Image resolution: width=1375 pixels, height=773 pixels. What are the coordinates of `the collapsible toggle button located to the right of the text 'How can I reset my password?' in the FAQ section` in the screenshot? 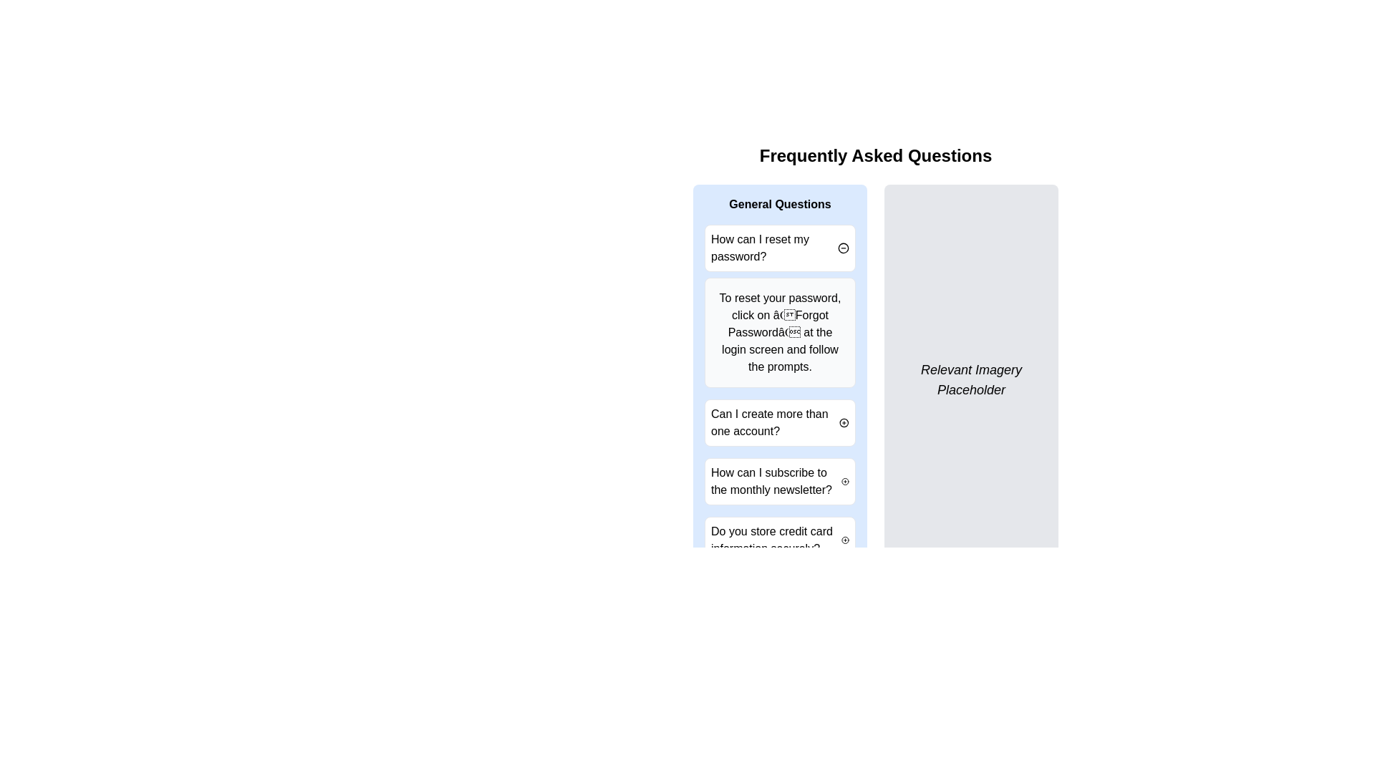 It's located at (843, 248).